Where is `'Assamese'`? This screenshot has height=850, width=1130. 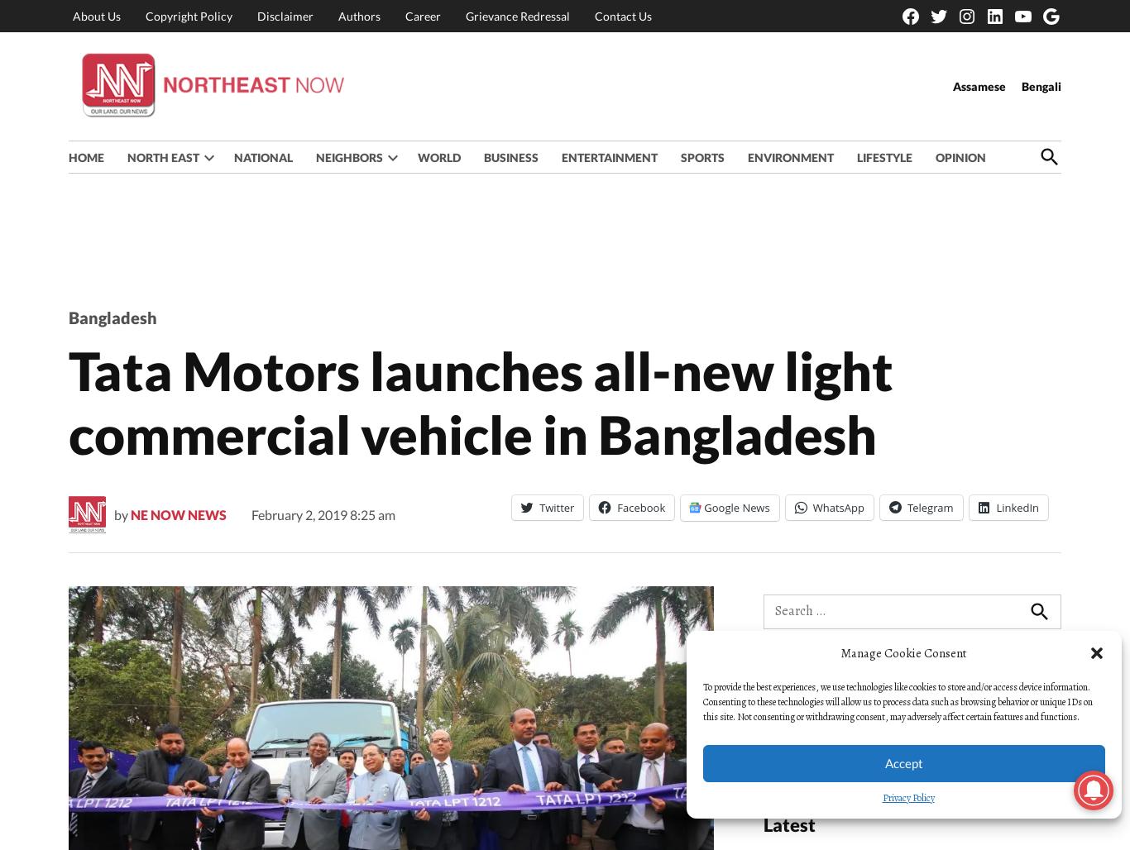
'Assamese' is located at coordinates (979, 84).